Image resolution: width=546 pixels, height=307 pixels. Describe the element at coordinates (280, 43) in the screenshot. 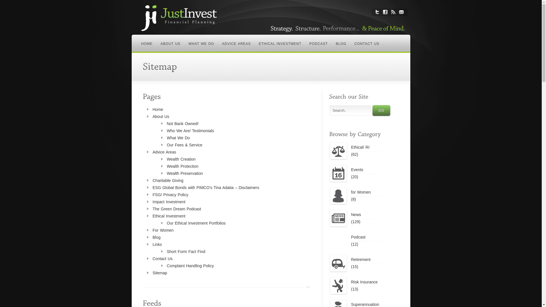

I see `'ETHICAL INVESTMENT'` at that location.